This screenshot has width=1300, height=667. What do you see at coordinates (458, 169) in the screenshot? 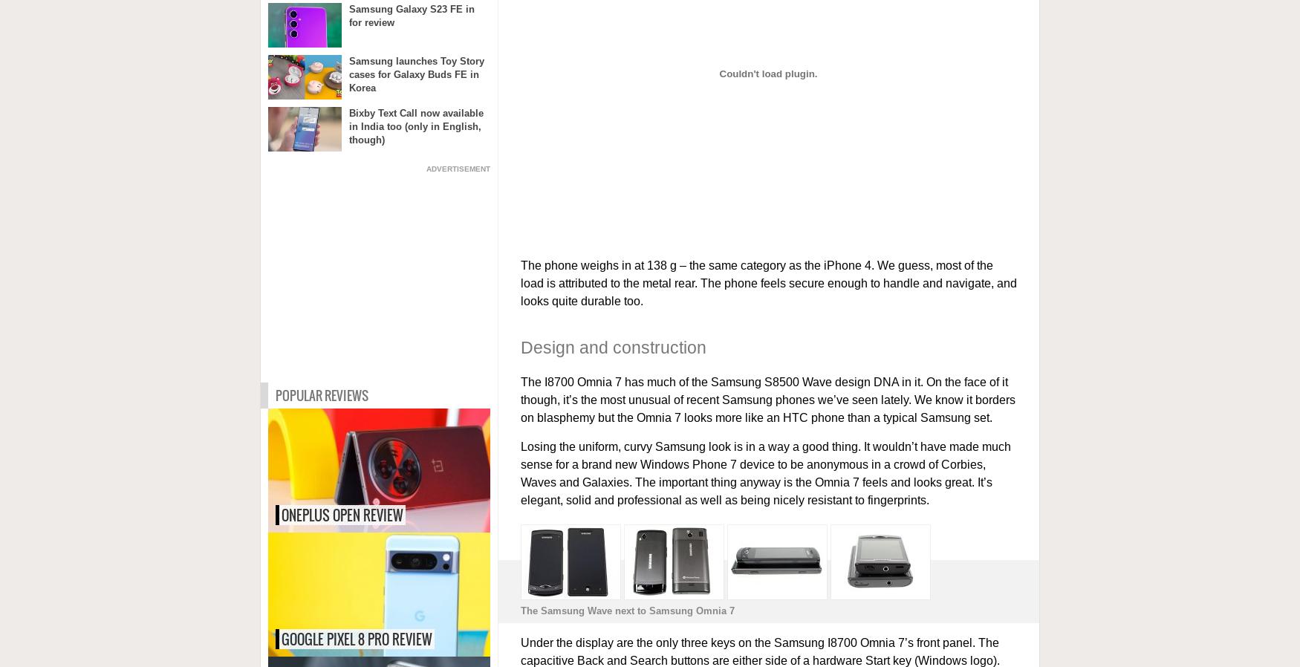
I see `'ADVERTISEMENT'` at bounding box center [458, 169].